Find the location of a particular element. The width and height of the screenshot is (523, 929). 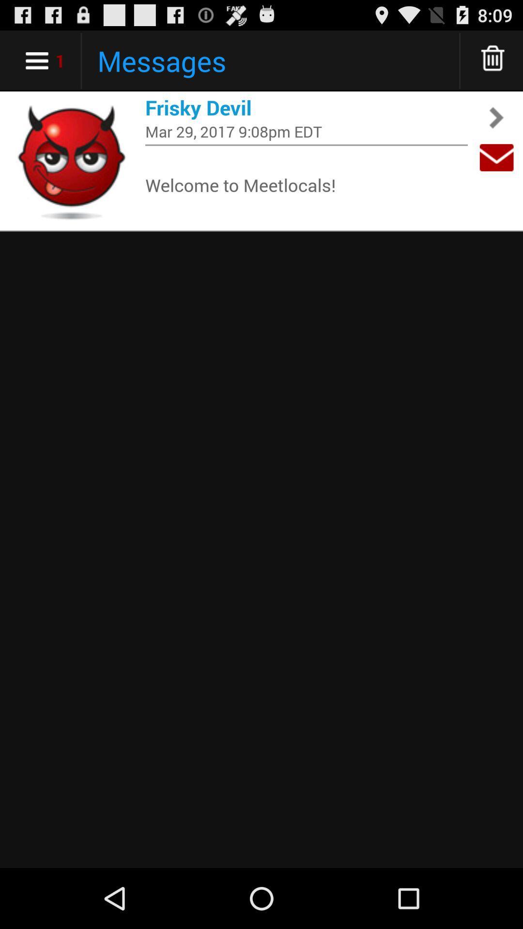

app next to mar 29 2017 item is located at coordinates (496, 157).